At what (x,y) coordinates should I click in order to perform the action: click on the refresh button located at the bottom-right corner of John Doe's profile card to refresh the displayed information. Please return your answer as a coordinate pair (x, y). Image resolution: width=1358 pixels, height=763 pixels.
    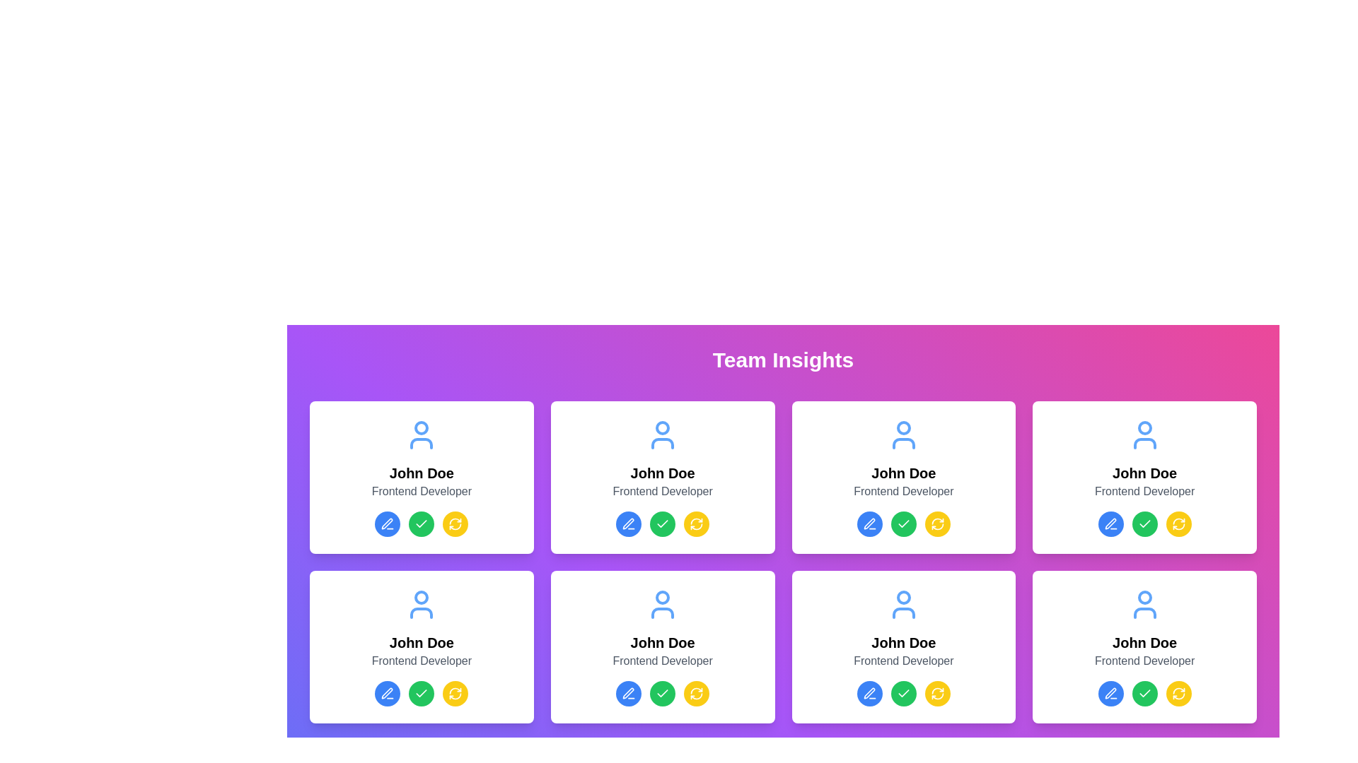
    Looking at the image, I should click on (455, 524).